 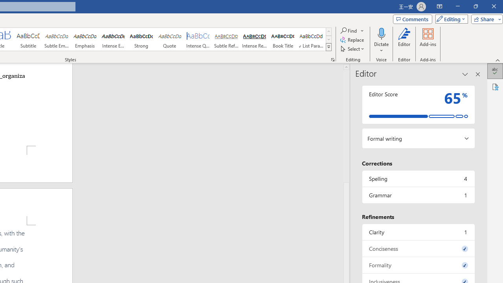 I want to click on 'Subtle Emphasis', so click(x=56, y=39).